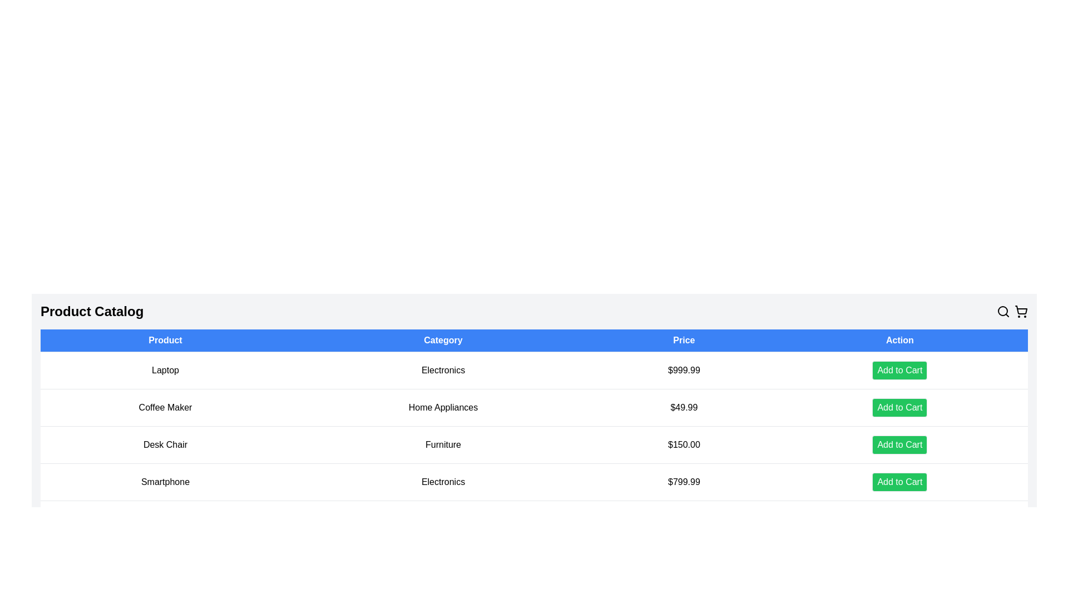 This screenshot has height=600, width=1068. I want to click on the 'Add to Cart' button with a green background and white text located in the second row of the 'Action' column, directly to the right of the '$49.99' price, so click(899, 407).